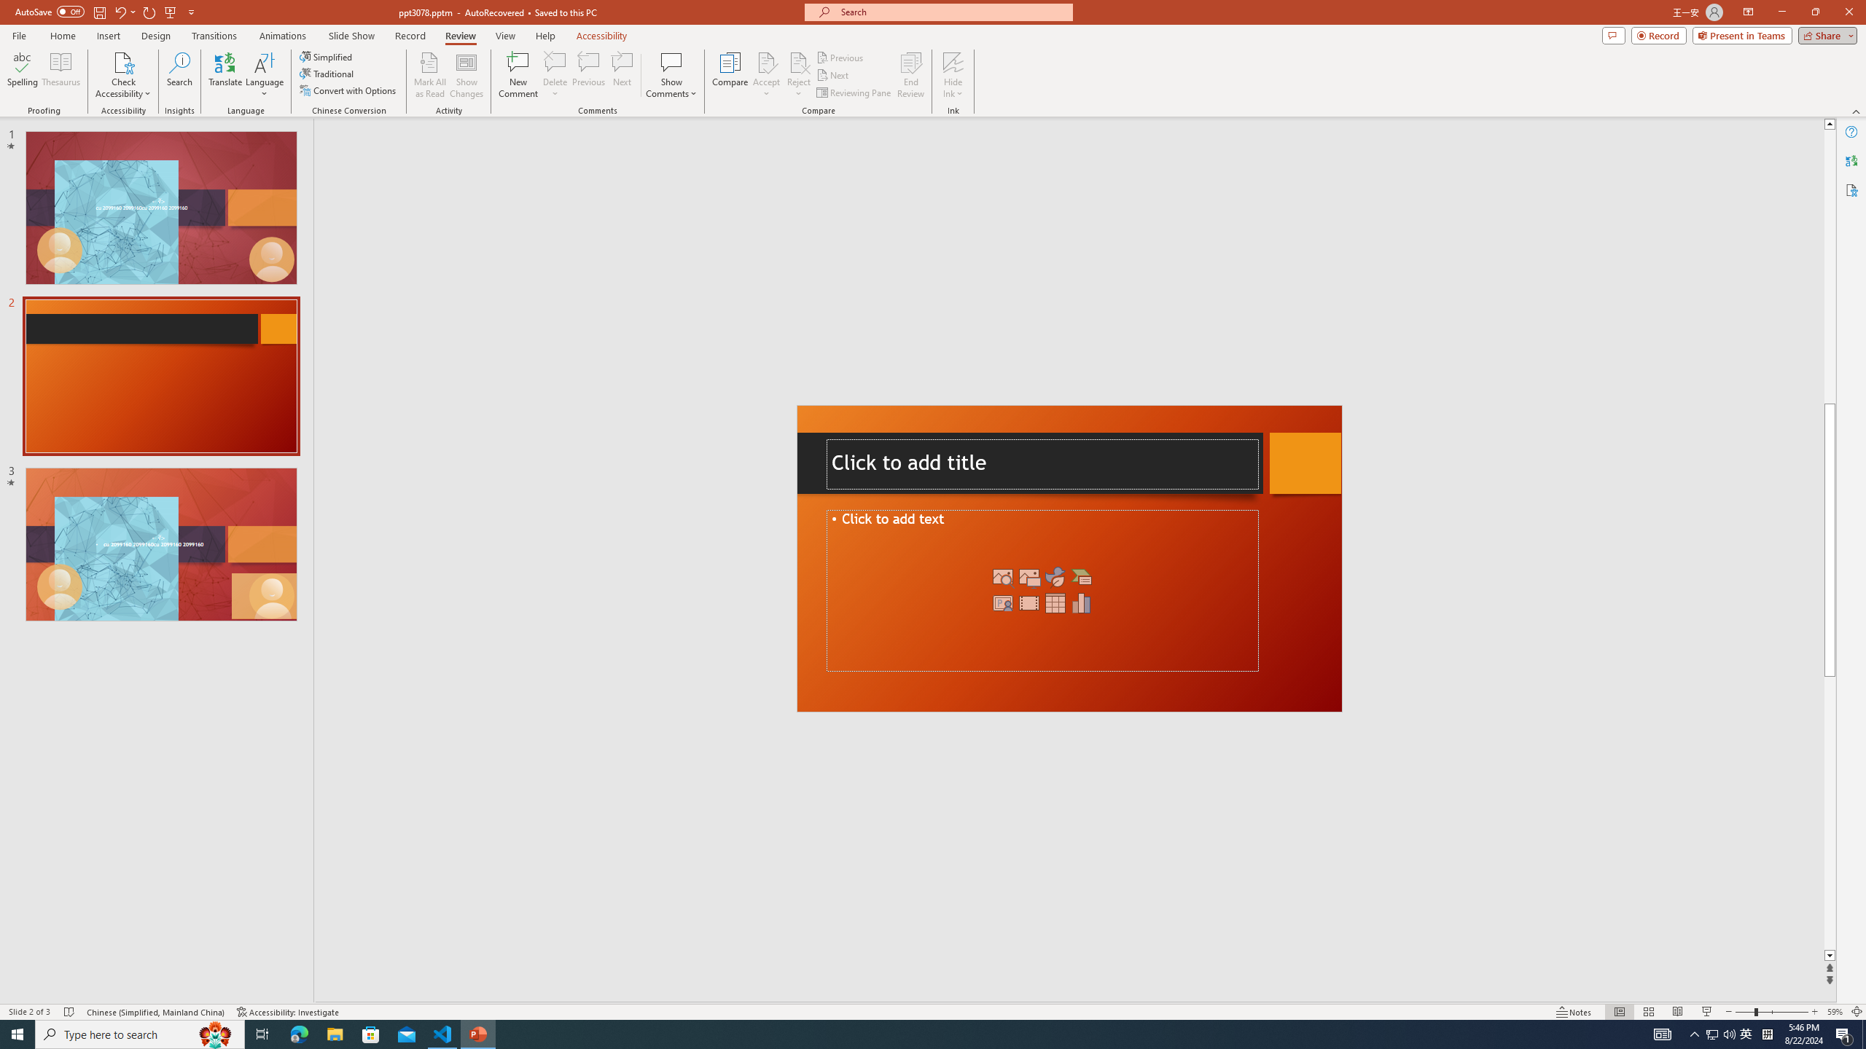 The width and height of the screenshot is (1866, 1049). I want to click on 'Mark All as Read', so click(430, 75).